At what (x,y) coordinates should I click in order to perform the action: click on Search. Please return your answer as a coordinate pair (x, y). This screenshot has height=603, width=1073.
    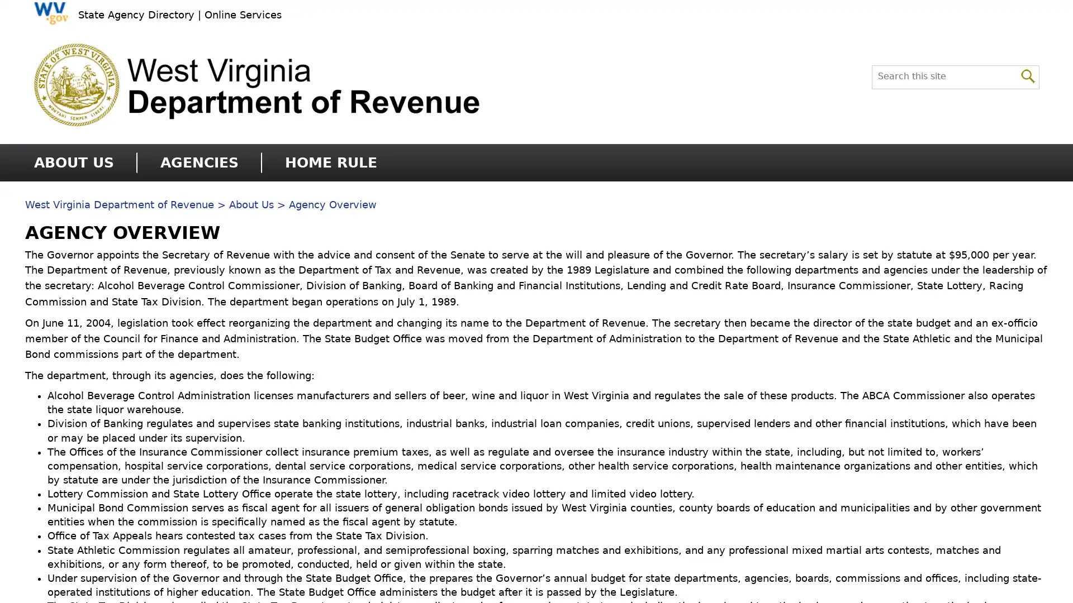
    Looking at the image, I should click on (1028, 75).